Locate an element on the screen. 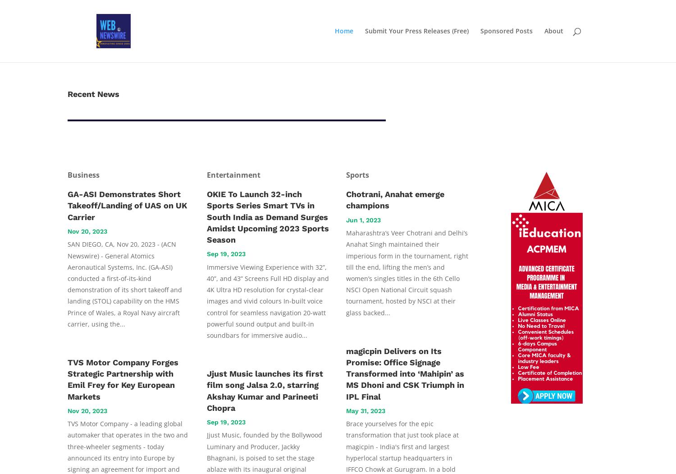  'Submit Your Press Releases (Free)' is located at coordinates (417, 30).